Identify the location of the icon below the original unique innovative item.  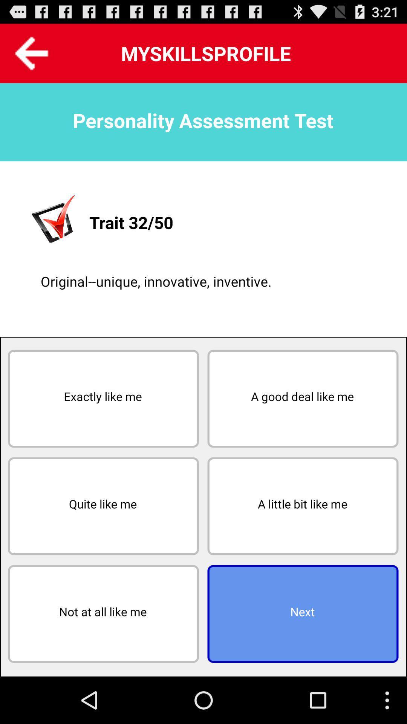
(302, 398).